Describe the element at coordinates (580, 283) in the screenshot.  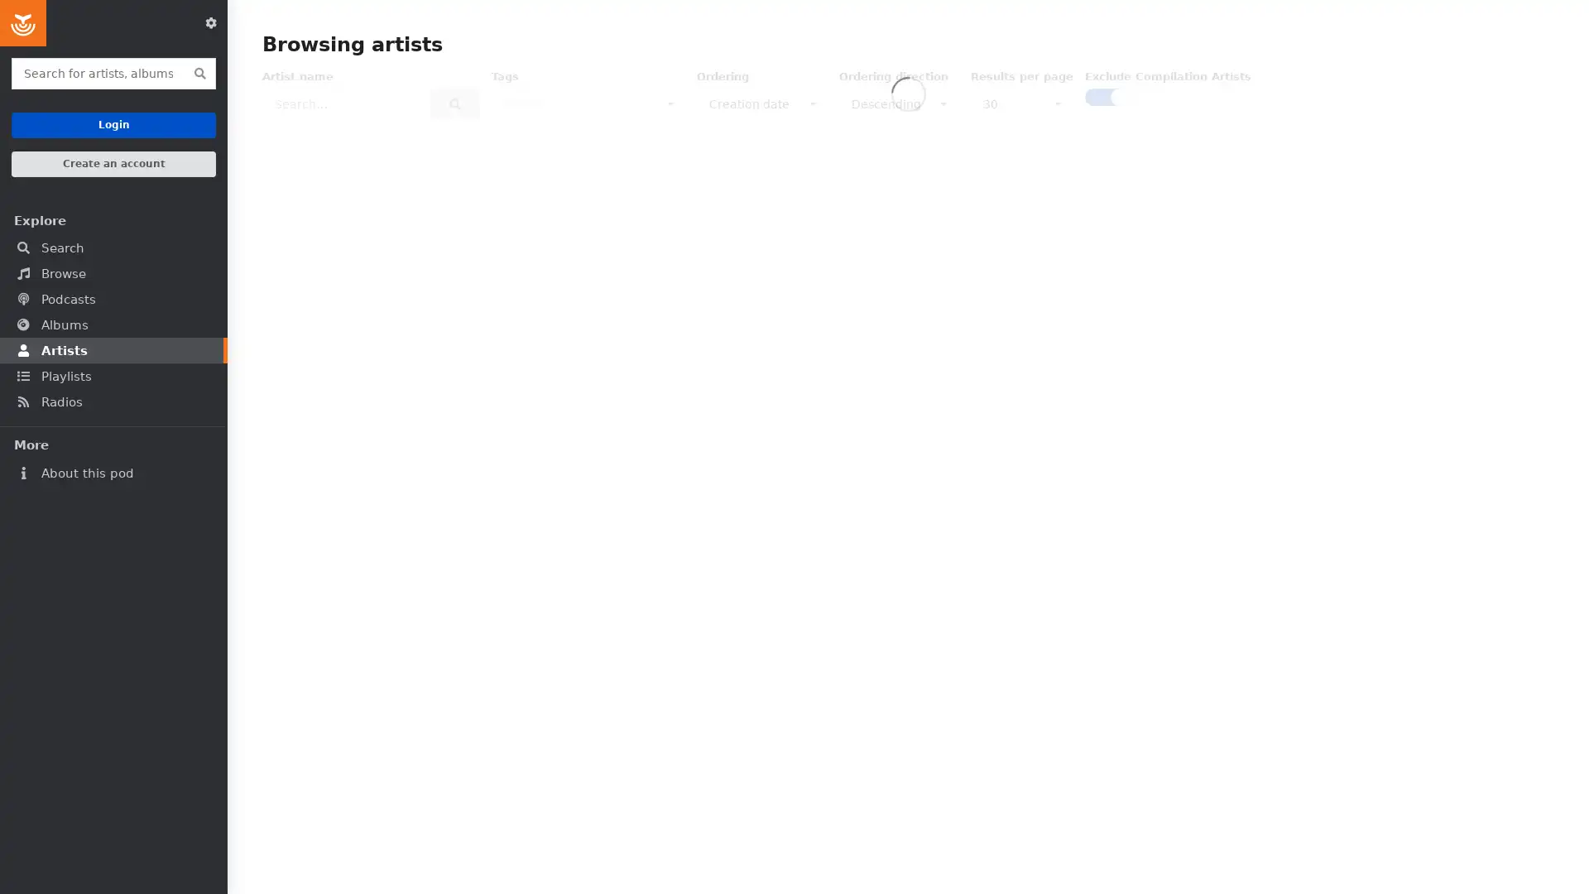
I see `Play artist` at that location.